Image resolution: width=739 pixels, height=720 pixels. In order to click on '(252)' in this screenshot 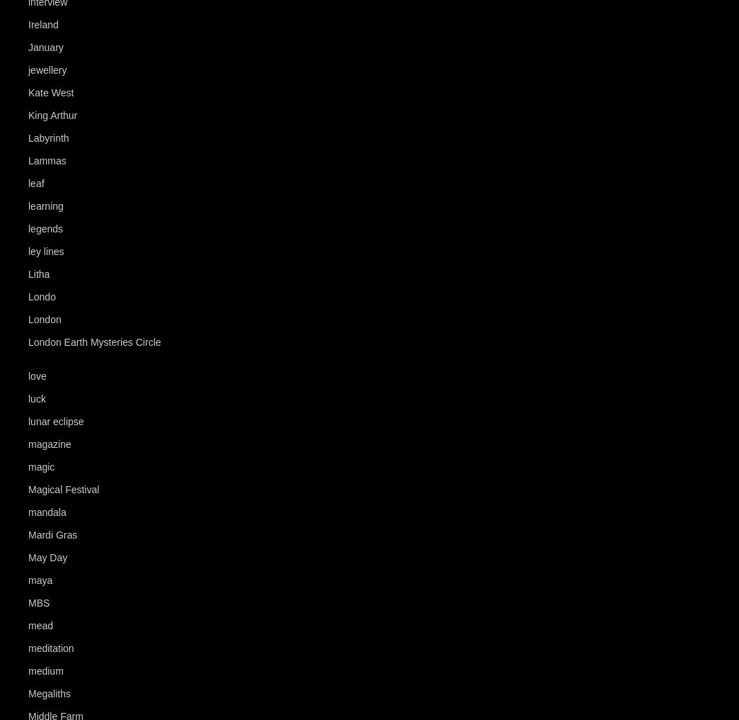, I will do `click(77, 205)`.